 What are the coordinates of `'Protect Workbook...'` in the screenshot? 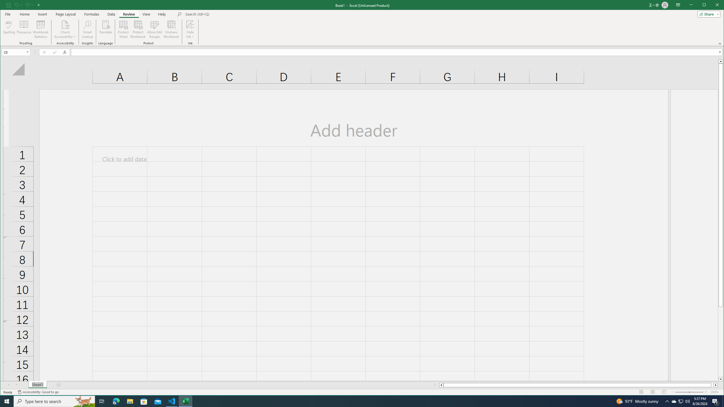 It's located at (137, 29).